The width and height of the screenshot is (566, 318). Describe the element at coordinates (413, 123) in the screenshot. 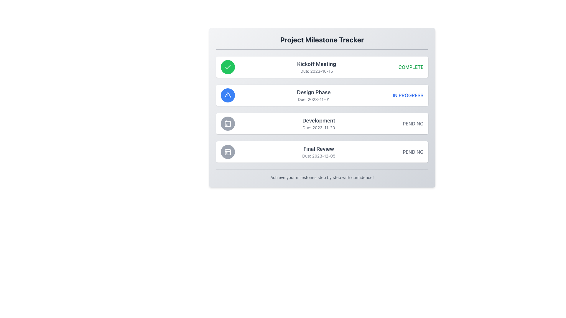

I see `the text label indicating the current status of the 'Development' milestone, which is positioned at the far right end of its row, displaying 'Due: 2023-11-20'` at that location.